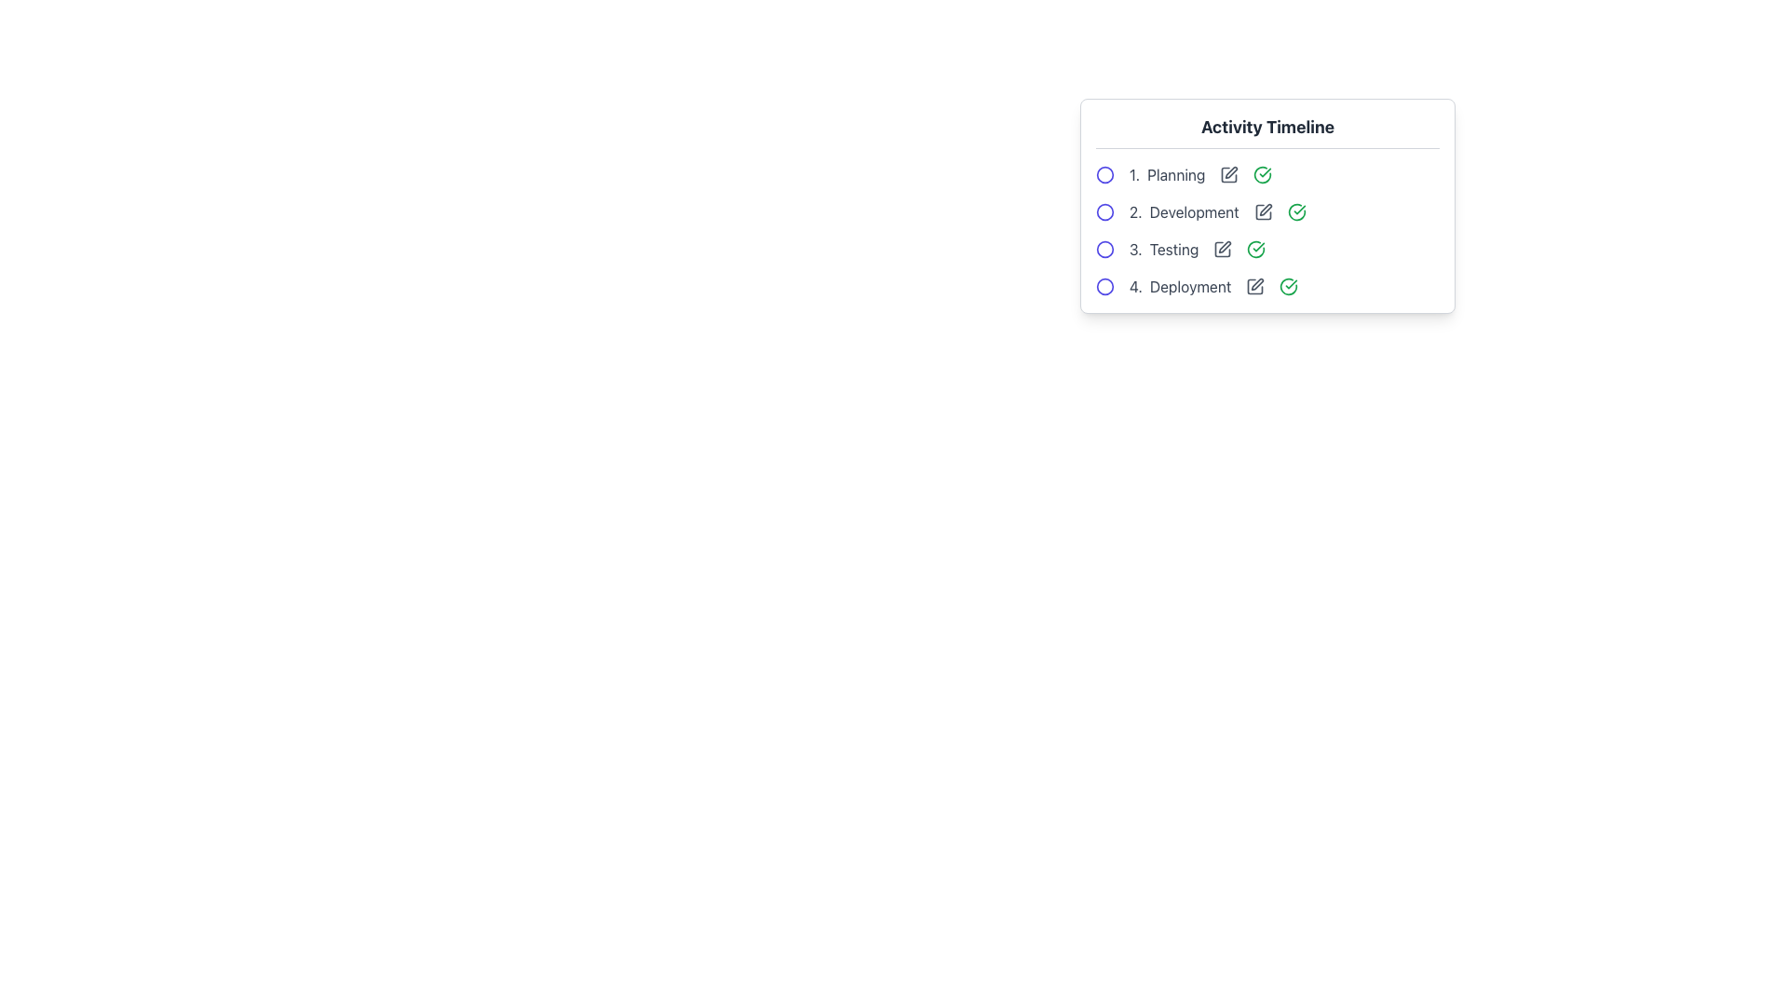 Image resolution: width=1788 pixels, height=1006 pixels. What do you see at coordinates (1179, 287) in the screenshot?
I see `the text label for the fourth step in the timeline titled 'Deployment', which is positioned between a circular icon on the left and a checkbox on the right` at bounding box center [1179, 287].